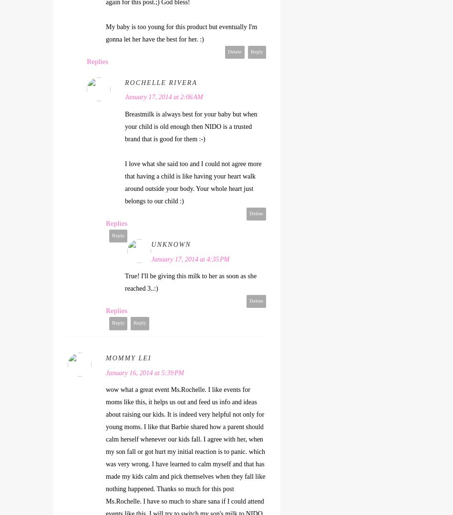 This screenshot has height=515, width=453. I want to click on 'Rochelle Rivera', so click(160, 82).